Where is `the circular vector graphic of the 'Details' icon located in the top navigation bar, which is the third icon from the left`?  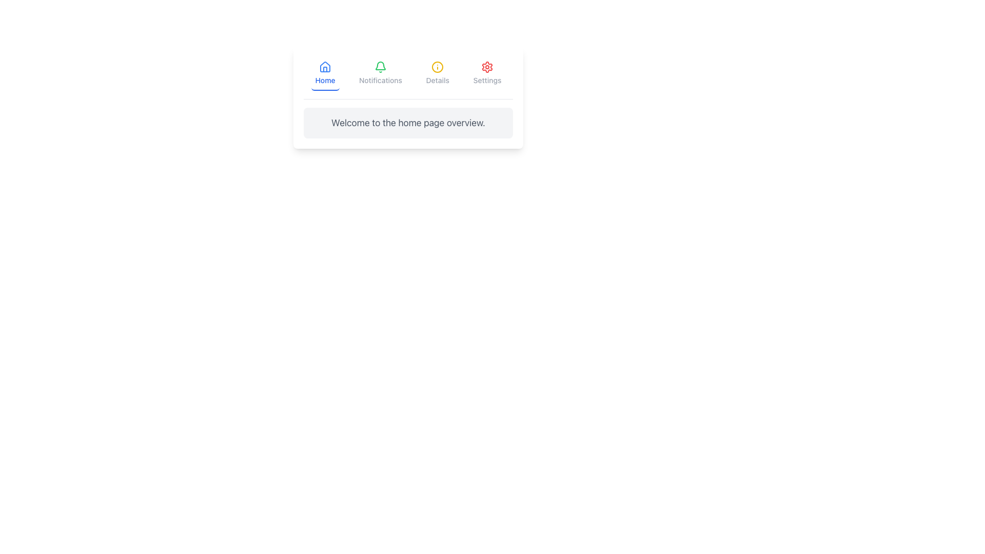
the circular vector graphic of the 'Details' icon located in the top navigation bar, which is the third icon from the left is located at coordinates (438, 67).